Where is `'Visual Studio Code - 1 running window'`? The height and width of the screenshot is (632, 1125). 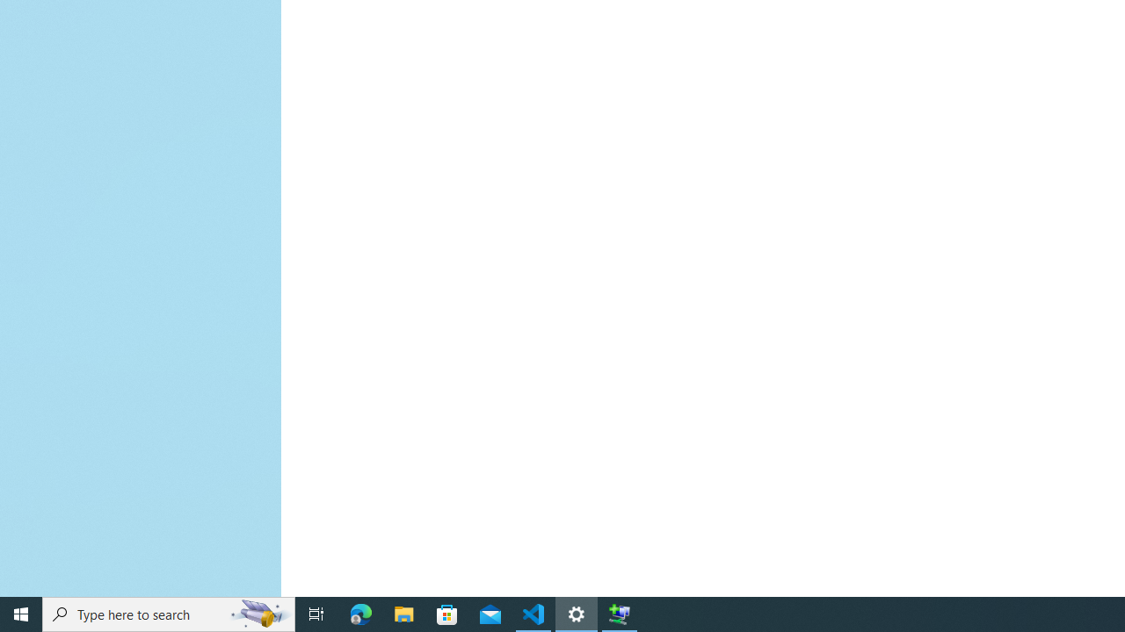 'Visual Studio Code - 1 running window' is located at coordinates (533, 613).